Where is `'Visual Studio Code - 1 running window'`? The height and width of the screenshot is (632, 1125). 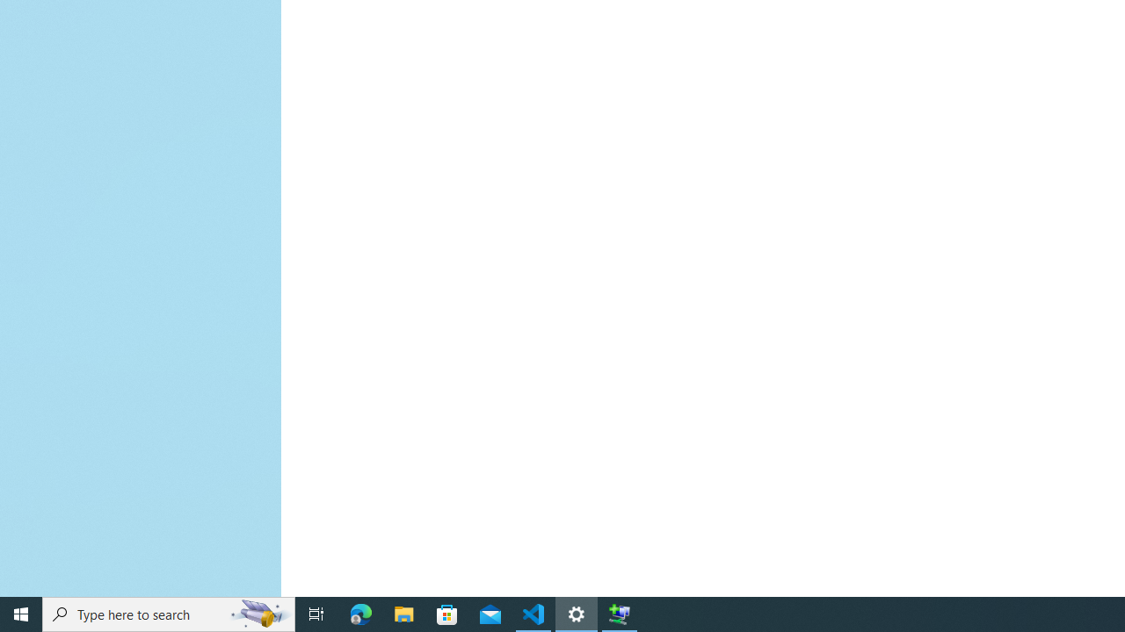 'Visual Studio Code - 1 running window' is located at coordinates (533, 613).